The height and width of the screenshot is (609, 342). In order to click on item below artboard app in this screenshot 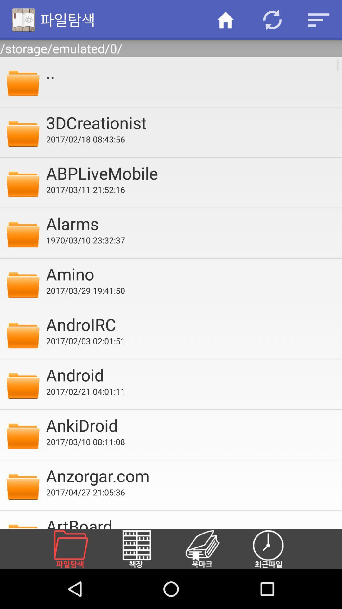, I will do `click(144, 549)`.